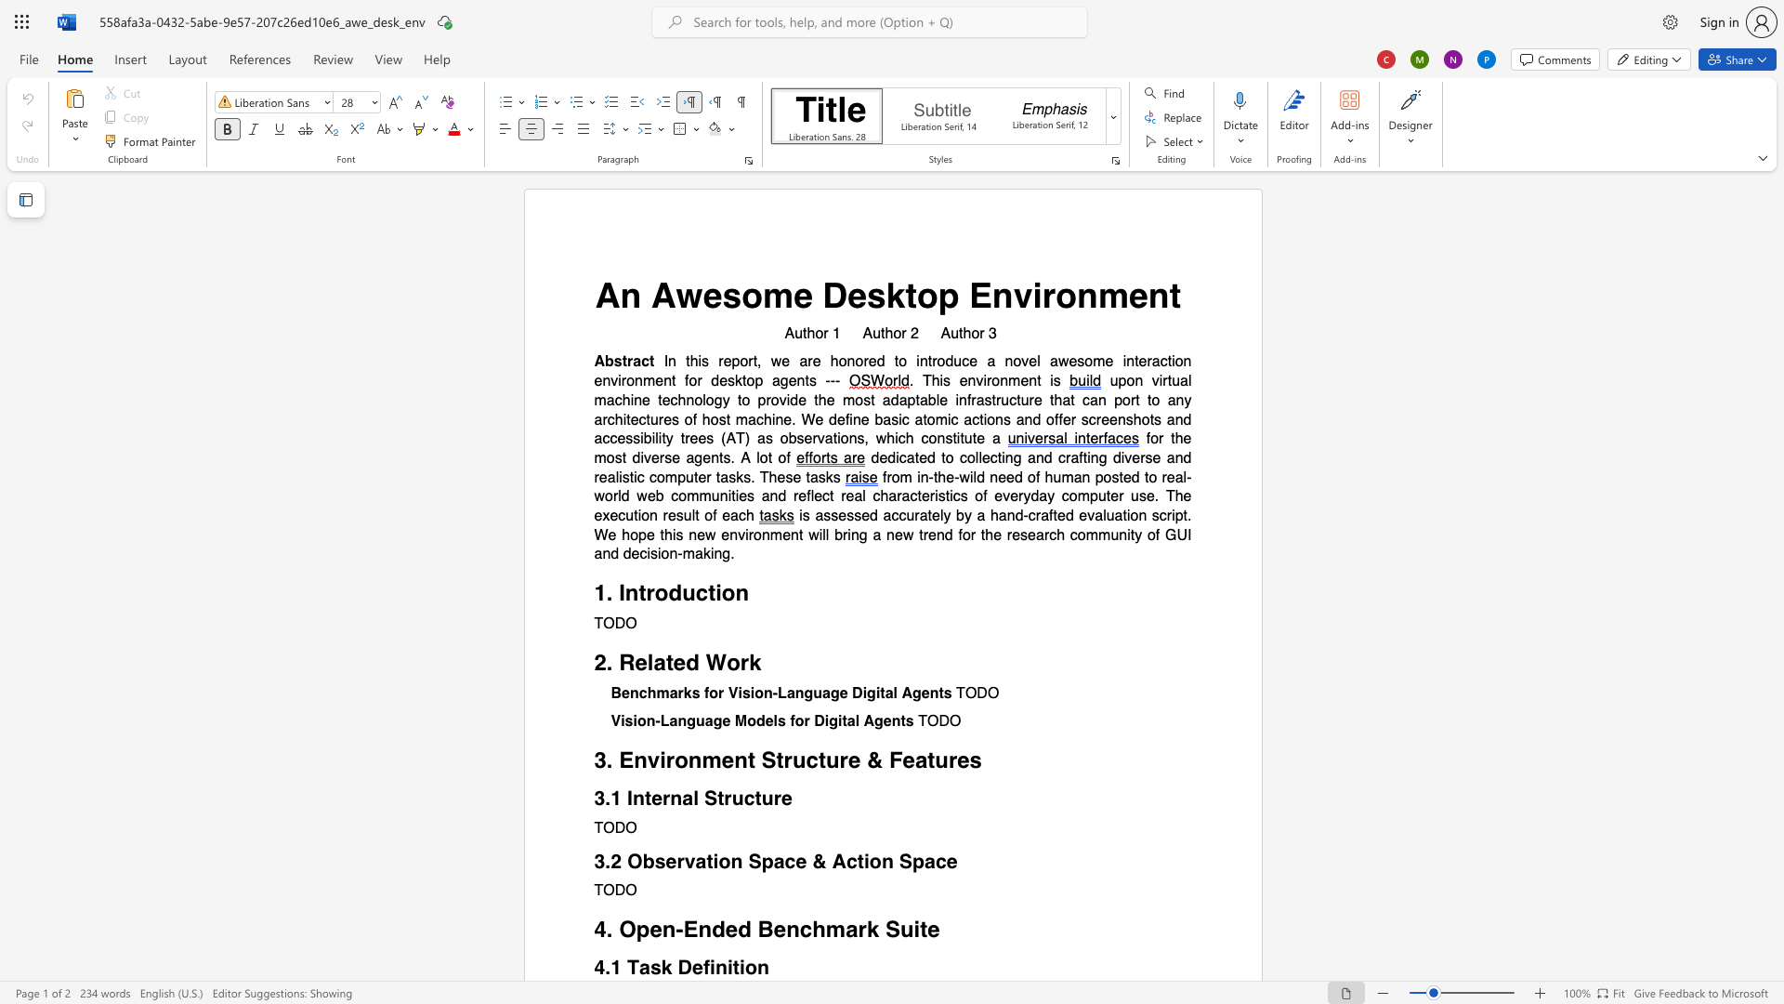  What do you see at coordinates (912, 861) in the screenshot?
I see `the subset text "pac" within the text "3.2 Observation Space & Action Space"` at bounding box center [912, 861].